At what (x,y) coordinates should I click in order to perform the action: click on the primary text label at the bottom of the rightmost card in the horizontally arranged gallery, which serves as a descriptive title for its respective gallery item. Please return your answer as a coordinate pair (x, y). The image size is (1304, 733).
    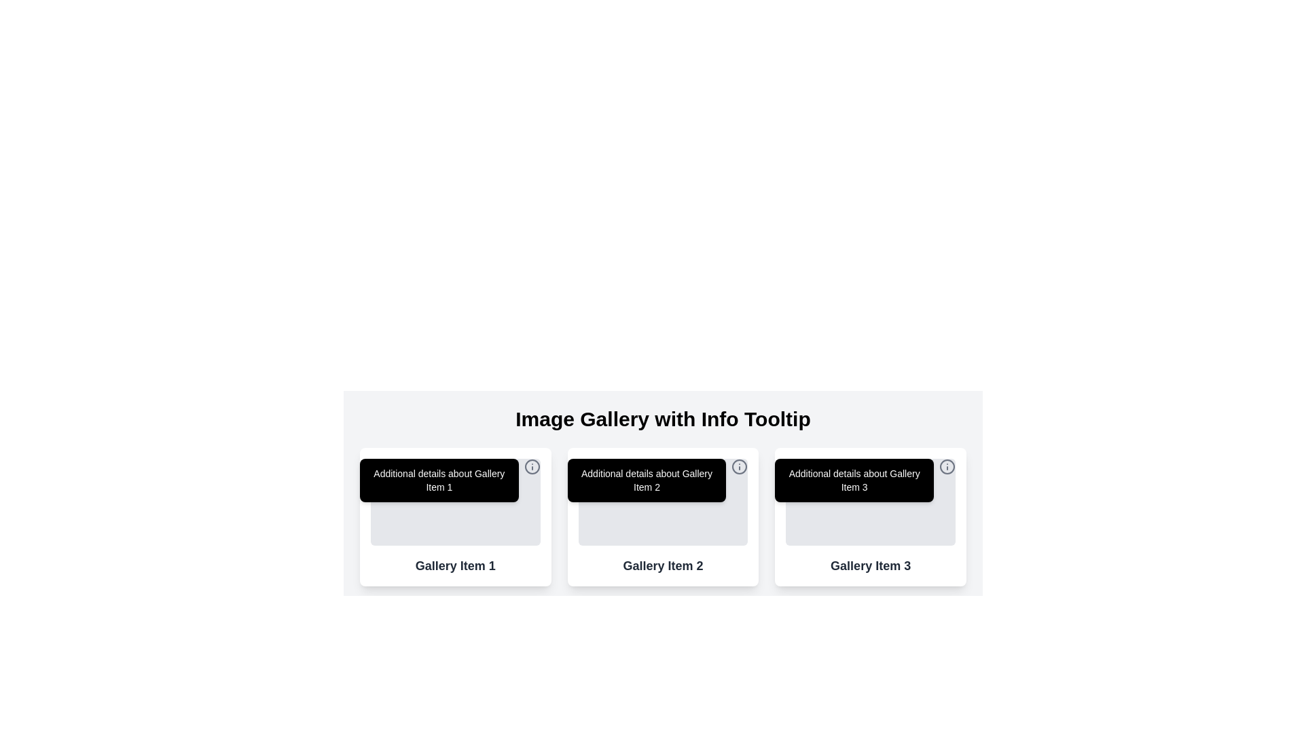
    Looking at the image, I should click on (871, 565).